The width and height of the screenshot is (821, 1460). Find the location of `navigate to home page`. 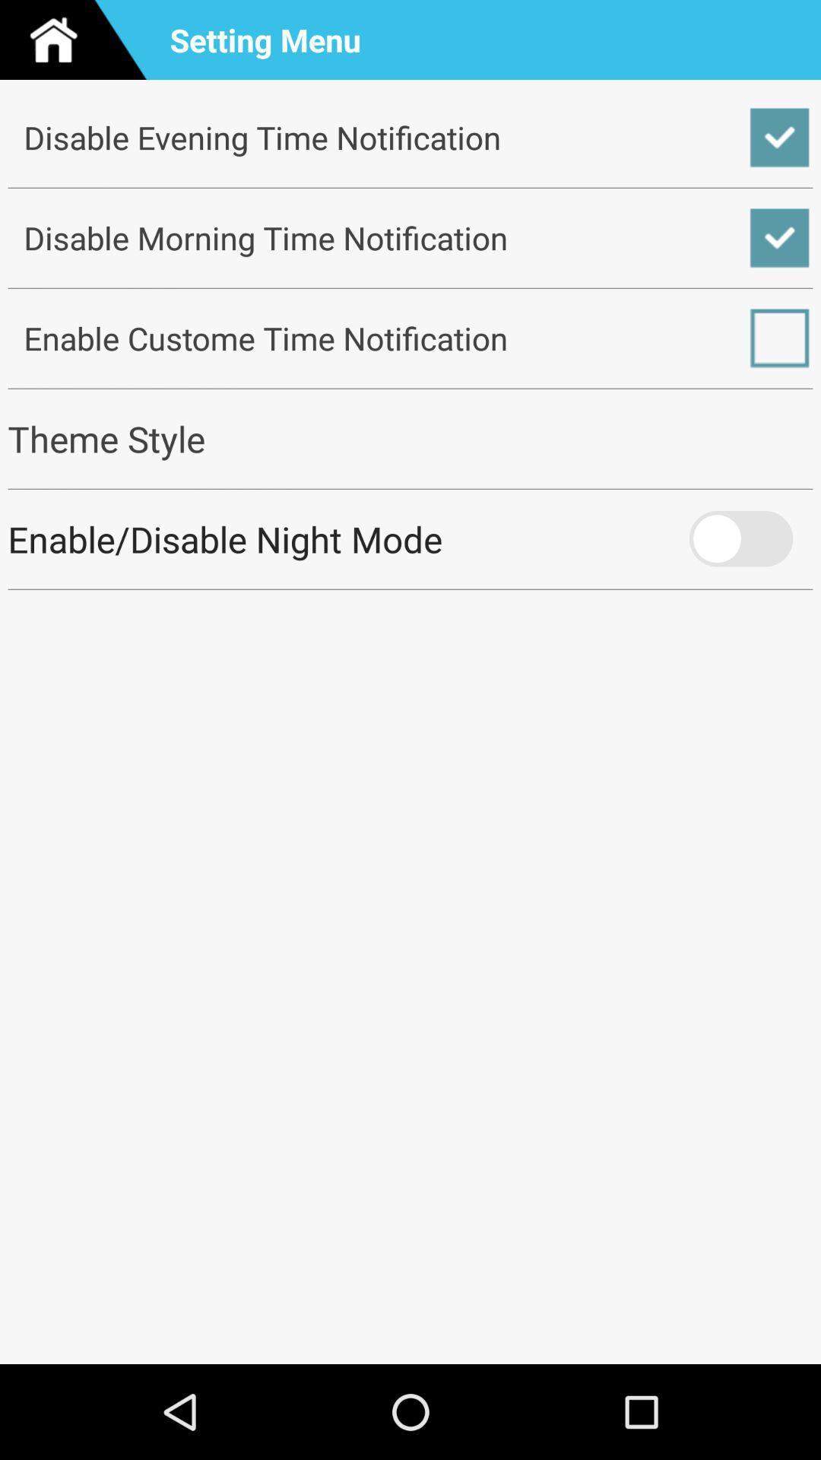

navigate to home page is located at coordinates (79, 40).